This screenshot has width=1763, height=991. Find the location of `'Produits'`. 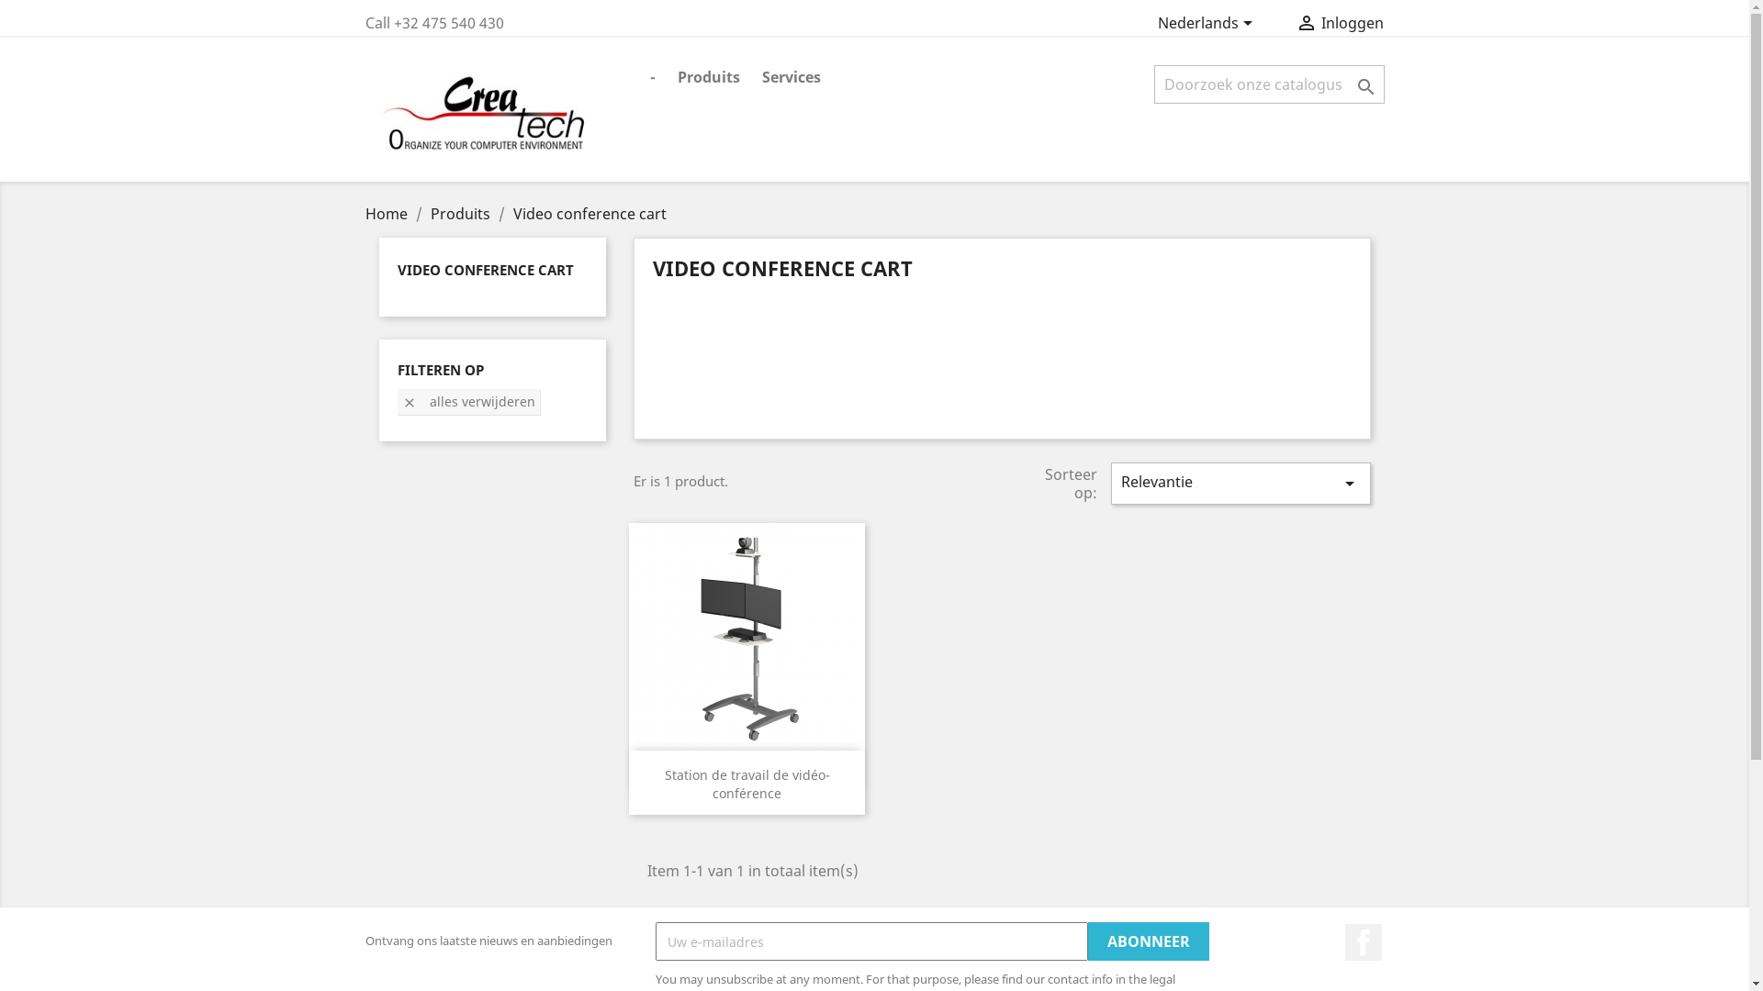

'Produits' is located at coordinates (708, 77).